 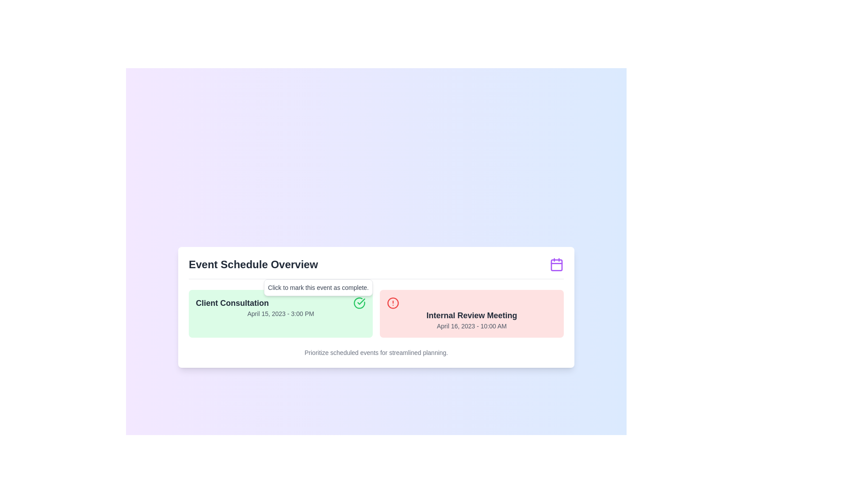 I want to click on the checkmark icon indicating the completion status of the 'Client Consultation' event, which is located within a circular icon on a light green background, so click(x=361, y=301).